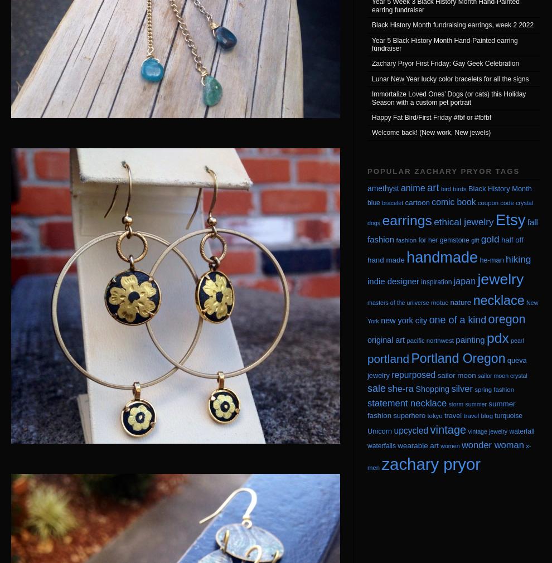  What do you see at coordinates (367, 259) in the screenshot?
I see `'hand made'` at bounding box center [367, 259].